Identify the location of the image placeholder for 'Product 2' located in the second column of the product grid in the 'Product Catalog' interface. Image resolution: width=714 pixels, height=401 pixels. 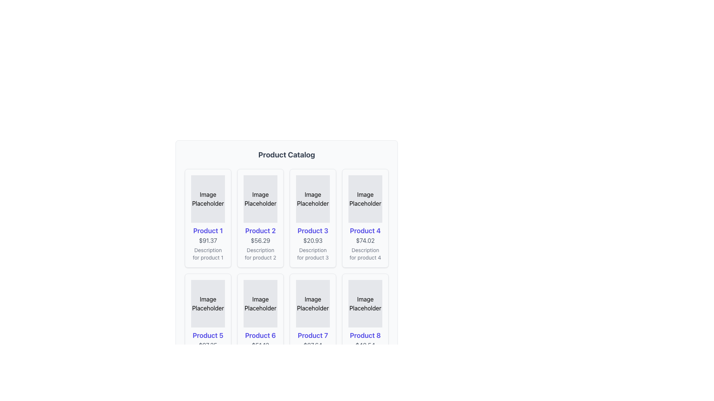
(260, 199).